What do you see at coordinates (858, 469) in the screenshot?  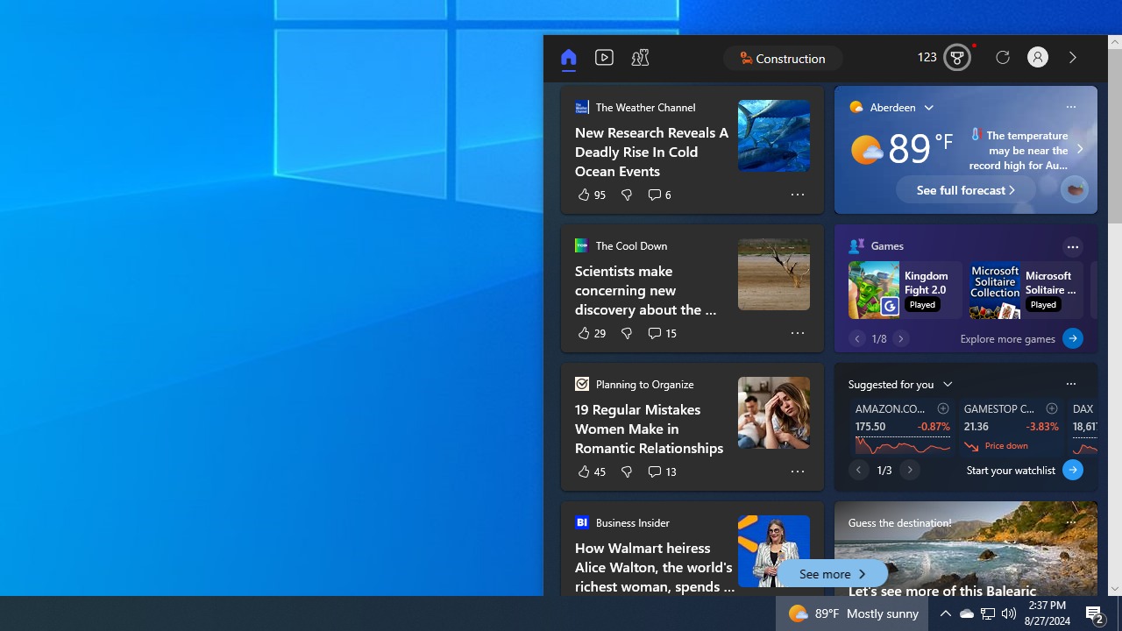 I see `'Previous page'` at bounding box center [858, 469].